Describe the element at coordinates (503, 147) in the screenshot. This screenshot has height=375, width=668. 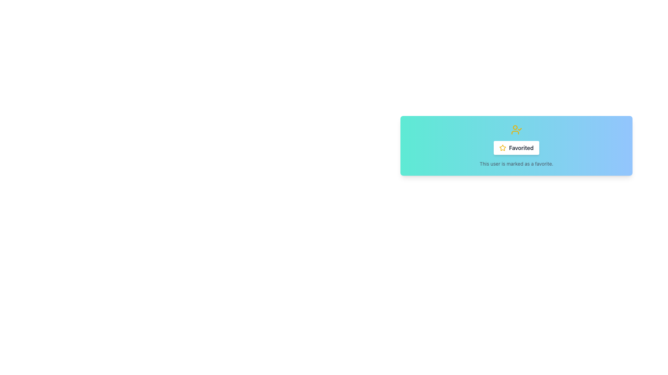
I see `the 'favorite' status icon, which is the leftmost icon in a group, visually representing the 'favorited' status next to the label 'Favorited'` at that location.